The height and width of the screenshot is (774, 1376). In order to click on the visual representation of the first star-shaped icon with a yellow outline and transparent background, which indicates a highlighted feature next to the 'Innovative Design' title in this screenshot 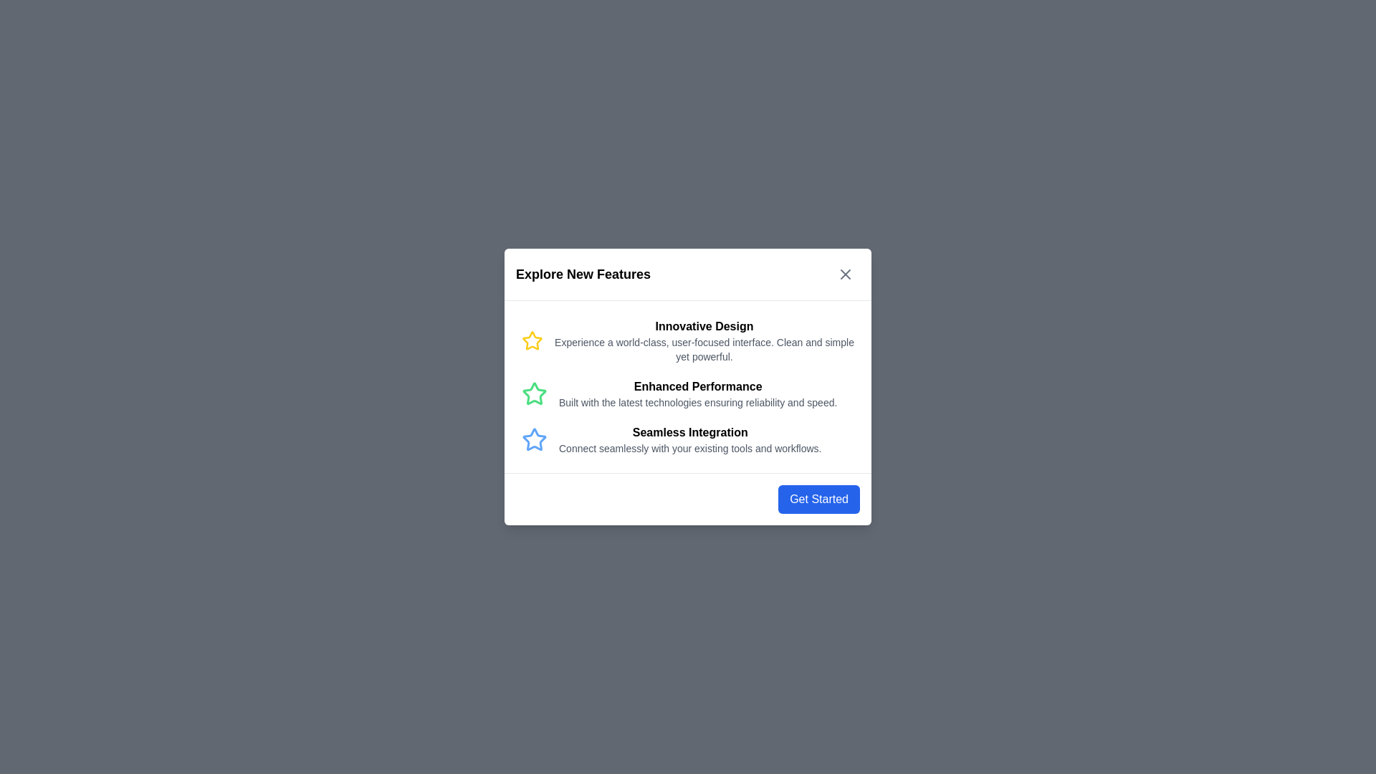, I will do `click(532, 340)`.